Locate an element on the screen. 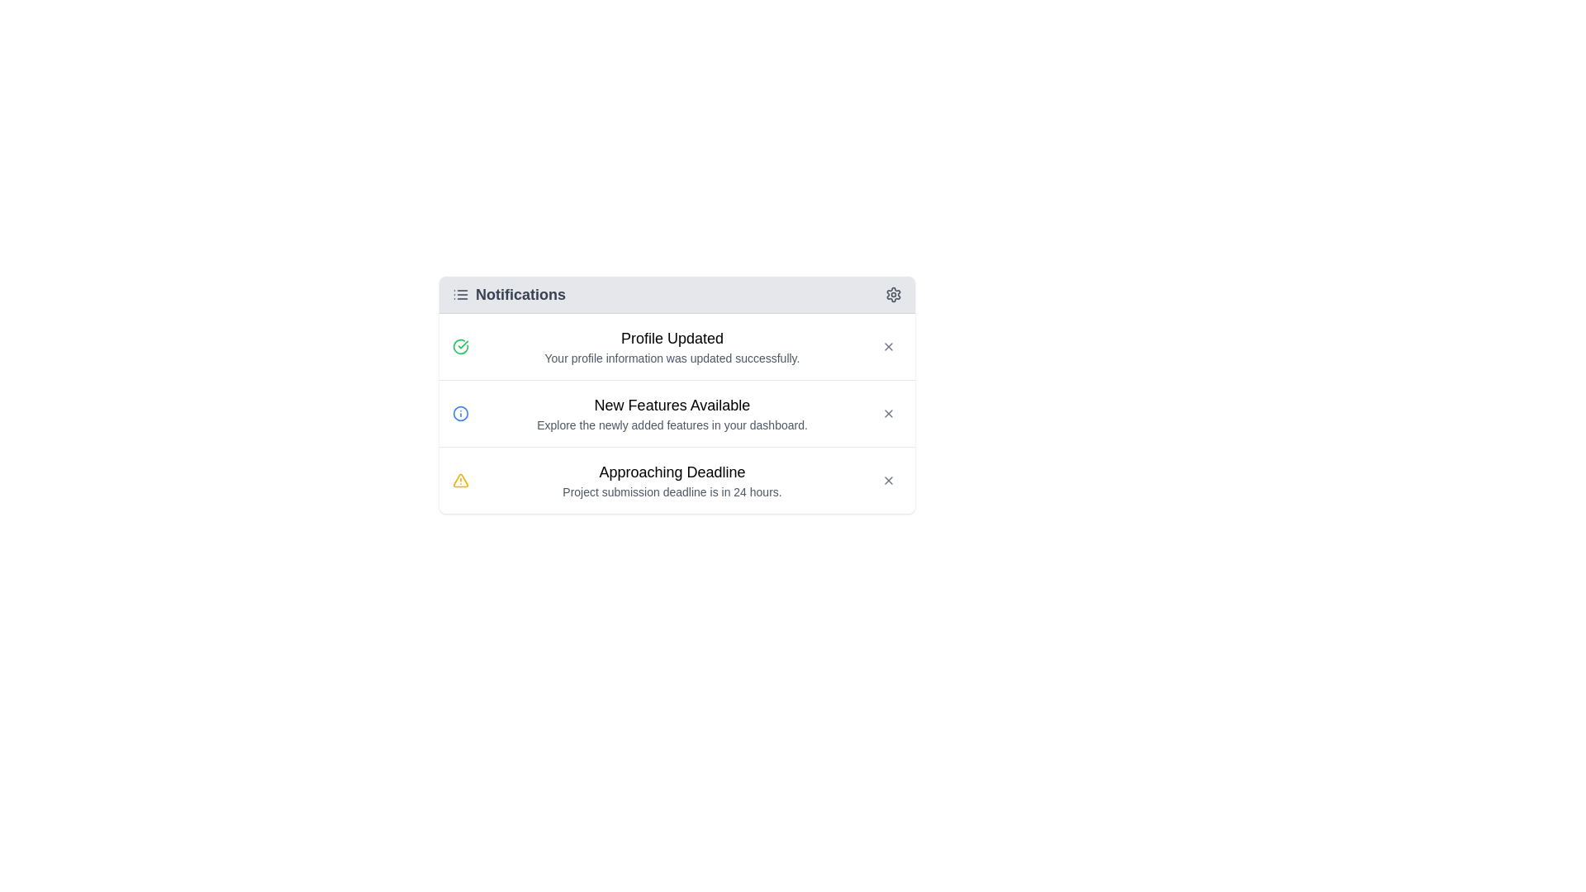 Image resolution: width=1586 pixels, height=892 pixels. the text label displaying 'Project submission deadline is in 24 hours.' which is styled with a smaller gray font and located below the bold title 'Approaching Deadline.' is located at coordinates (672, 491).